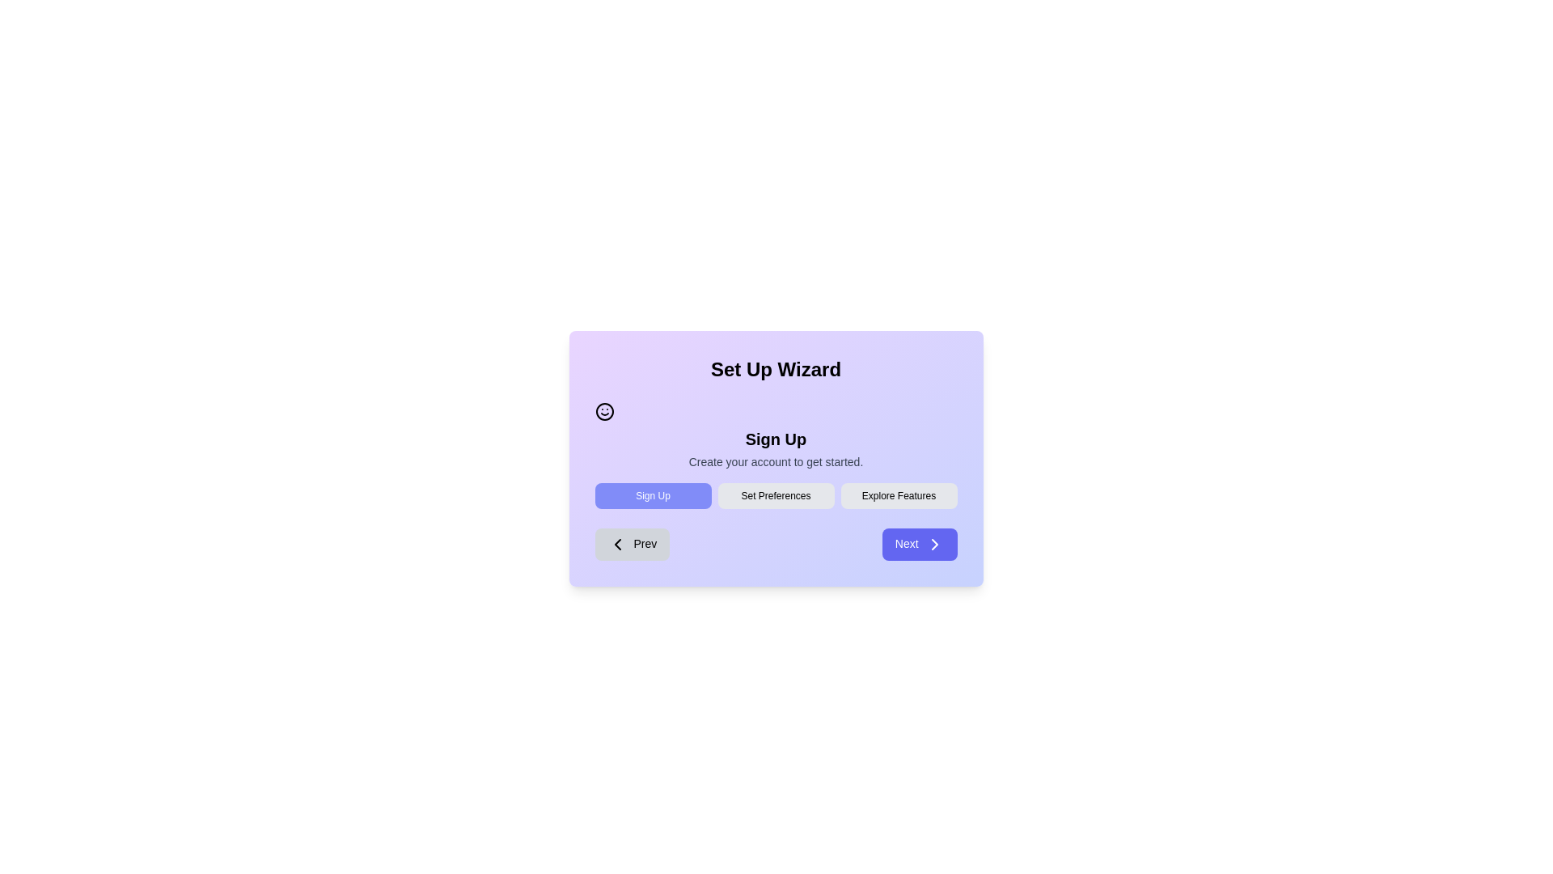 This screenshot has height=874, width=1553. I want to click on text label 'Explore Features' located within the button styled with 'p-2 rounded-lg text-center cursor-pointer transition-all bg-gray-200 hover:bg-gray-300', so click(898, 495).